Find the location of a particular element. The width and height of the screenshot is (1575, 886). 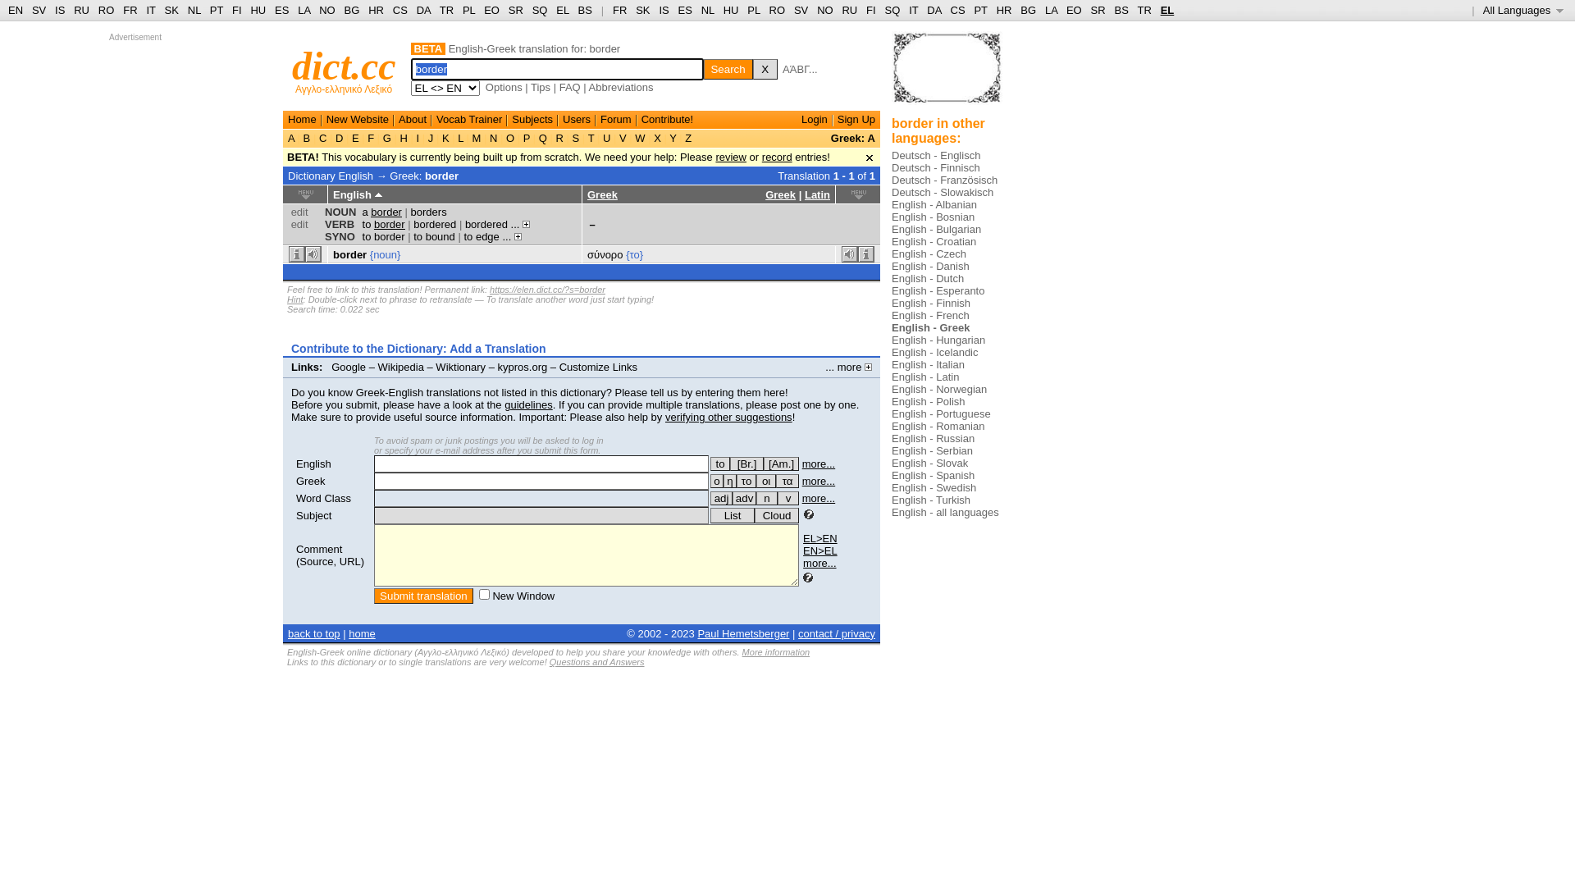

'Deutsch - Finnisch' is located at coordinates (936, 167).